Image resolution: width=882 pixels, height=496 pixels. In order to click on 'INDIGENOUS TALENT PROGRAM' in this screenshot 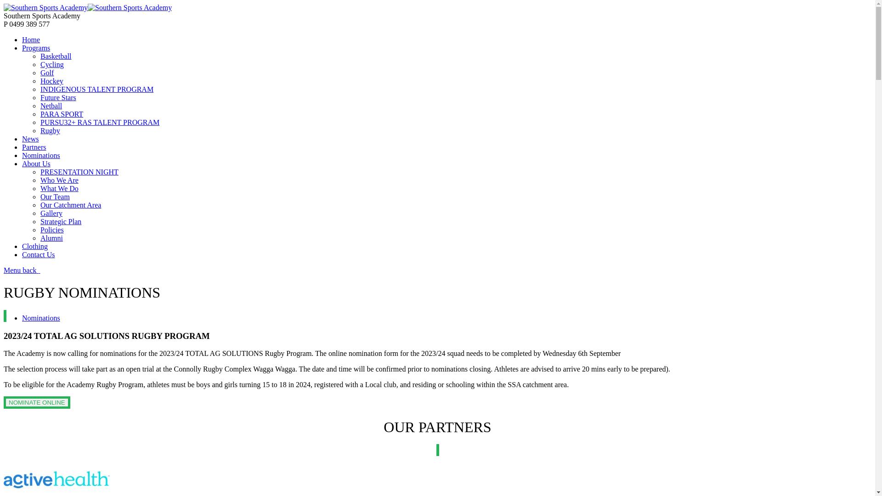, I will do `click(97, 89)`.